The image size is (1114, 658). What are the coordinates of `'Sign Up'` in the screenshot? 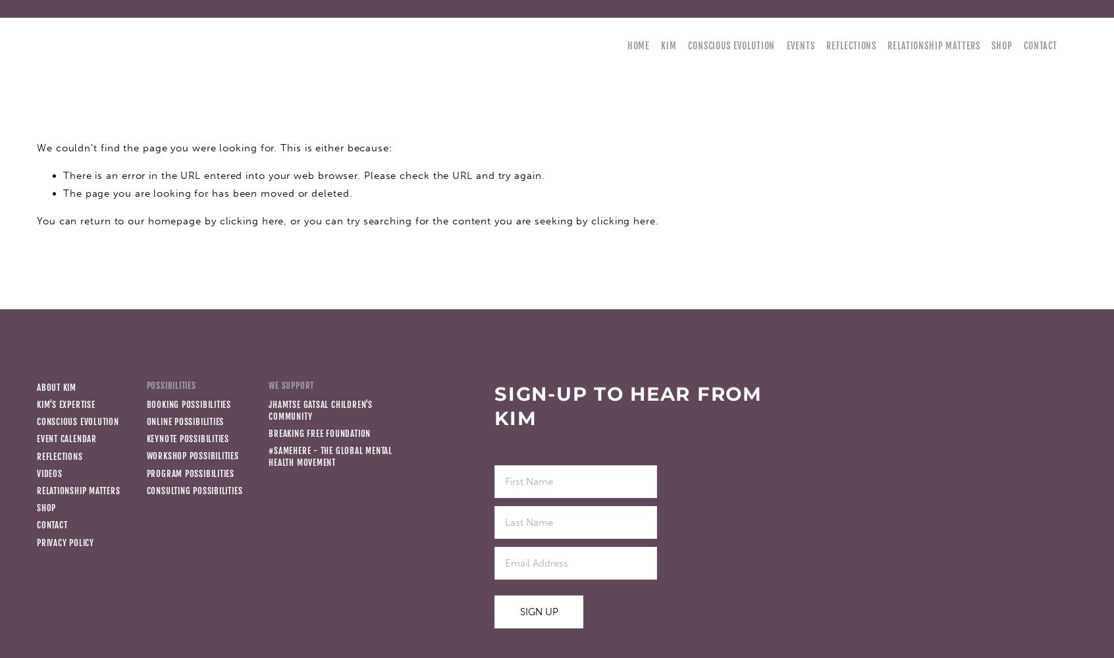 It's located at (539, 612).